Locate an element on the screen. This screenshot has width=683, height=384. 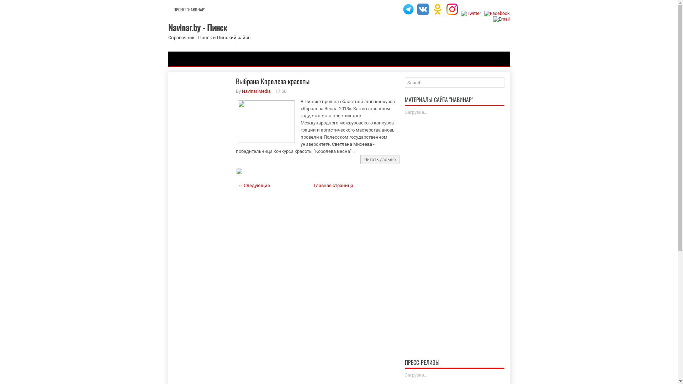
'Advertisement' is located at coordinates (454, 226).